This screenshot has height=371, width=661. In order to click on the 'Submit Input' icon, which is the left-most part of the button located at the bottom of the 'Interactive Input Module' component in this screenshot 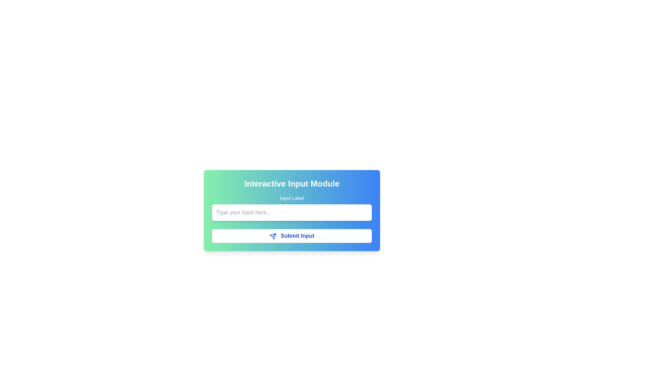, I will do `click(272, 236)`.